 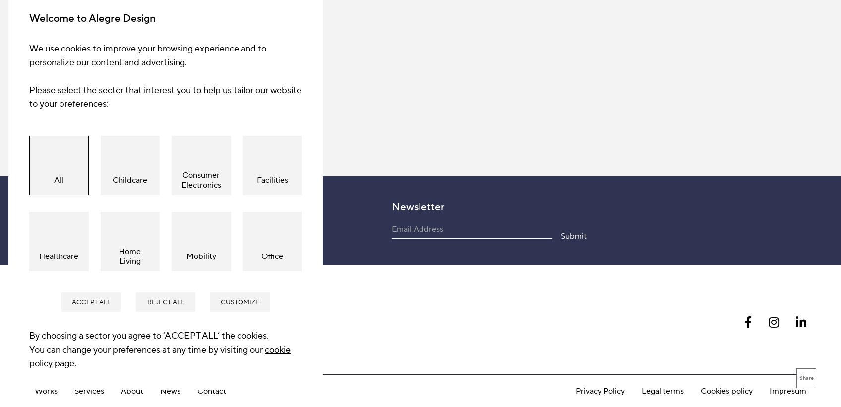 What do you see at coordinates (600, 168) in the screenshot?
I see `'Privacy Policy'` at bounding box center [600, 168].